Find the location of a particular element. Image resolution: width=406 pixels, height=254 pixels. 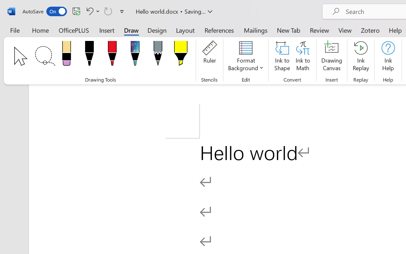

'Insert' is located at coordinates (107, 30).